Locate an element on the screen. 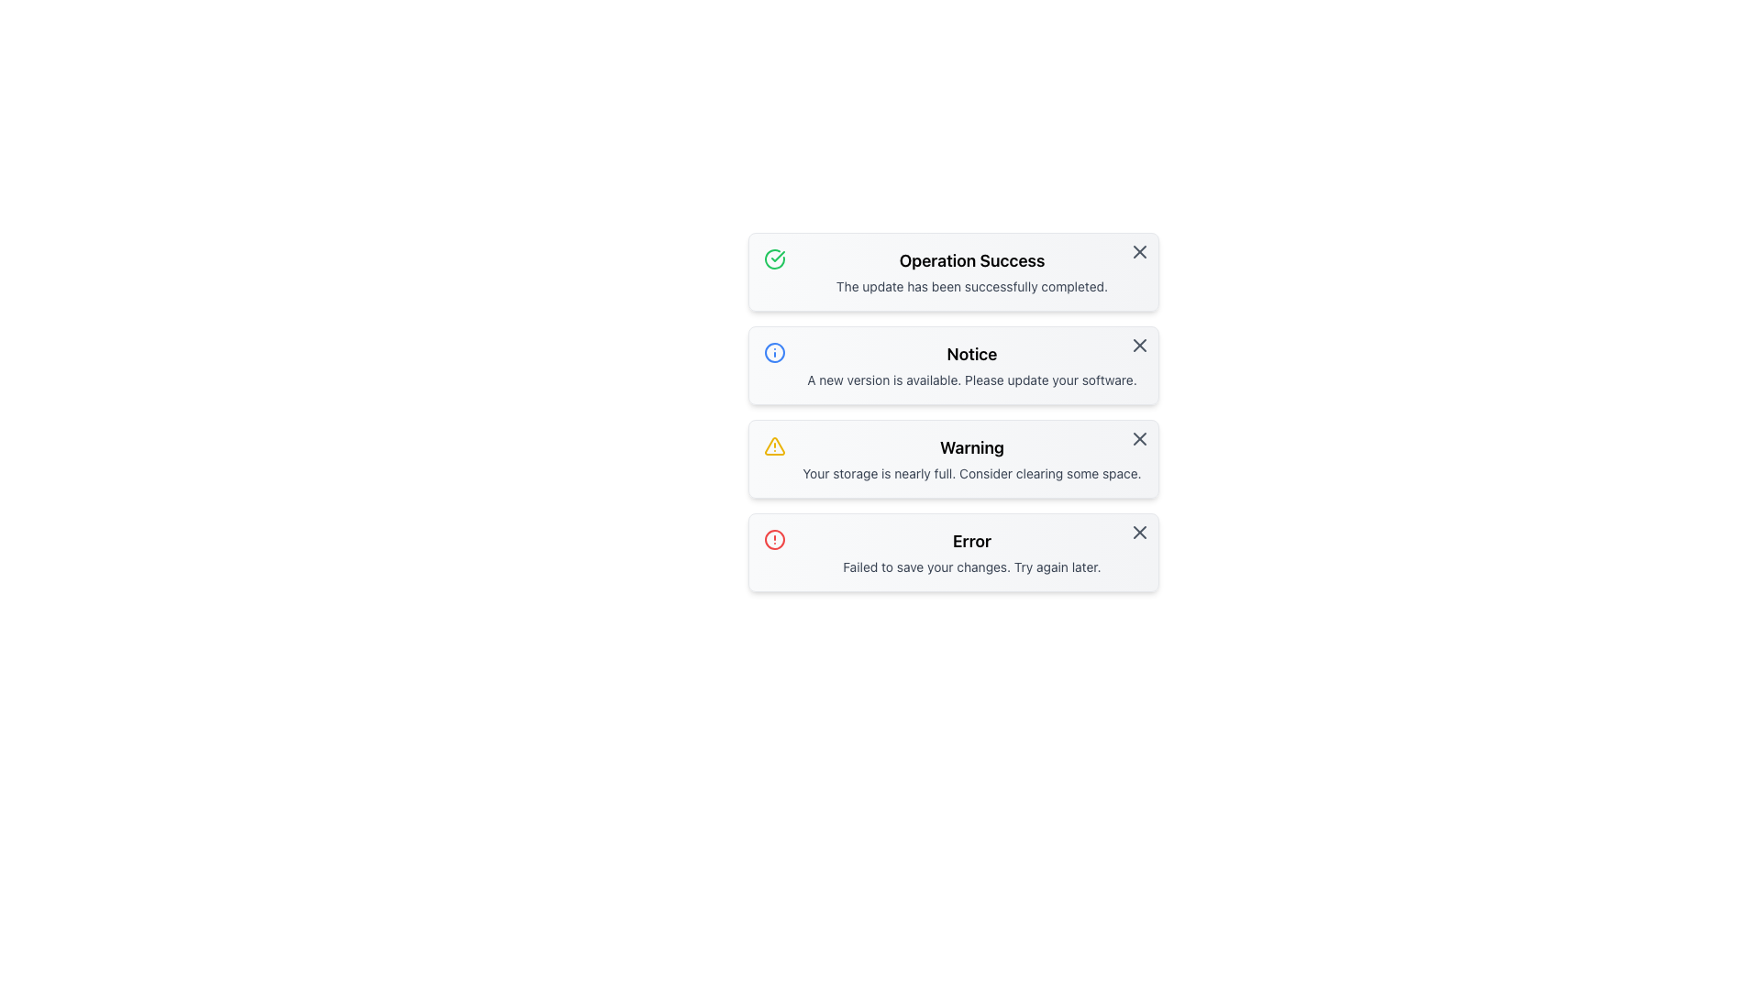 This screenshot has height=990, width=1761. the 'Operation Success' text label, which is prominently displayed in a bold and large font with a green checkmark icon, located at the top of the first notification card is located at coordinates (971, 261).